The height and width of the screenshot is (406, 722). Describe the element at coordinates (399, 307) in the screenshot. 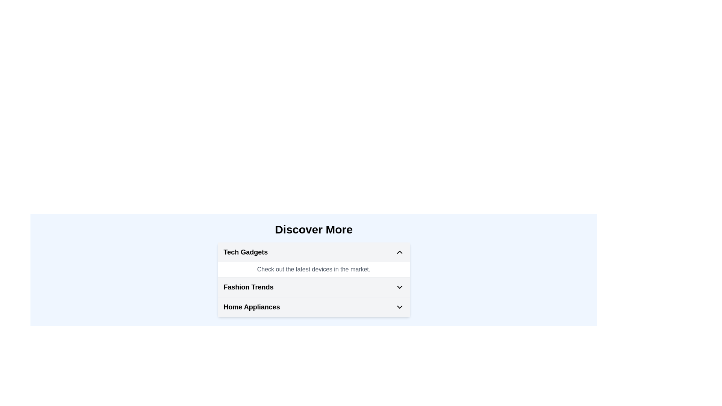

I see `the keyboard accessibility on the dropdown toggle indicator icon located at the rightmost end of the 'Home Appliances' section` at that location.